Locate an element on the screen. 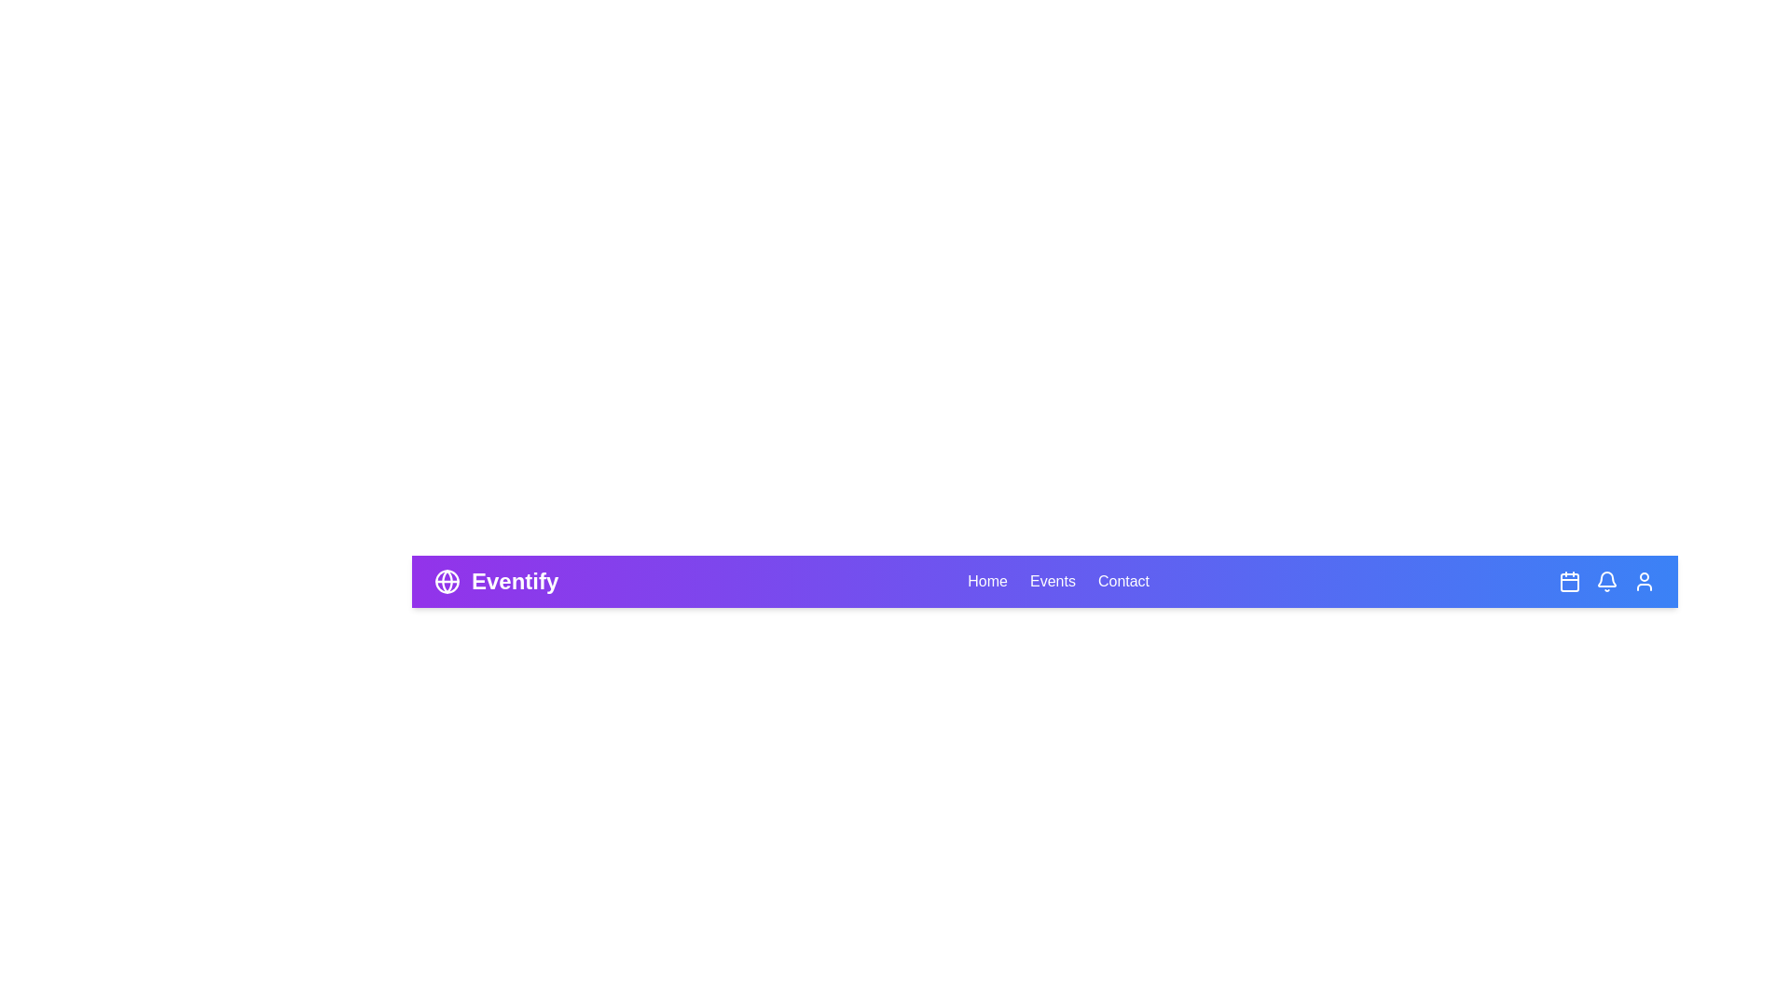 This screenshot has height=1007, width=1790. the 'Contact' navigation link to navigate to the contact page is located at coordinates (1122, 581).